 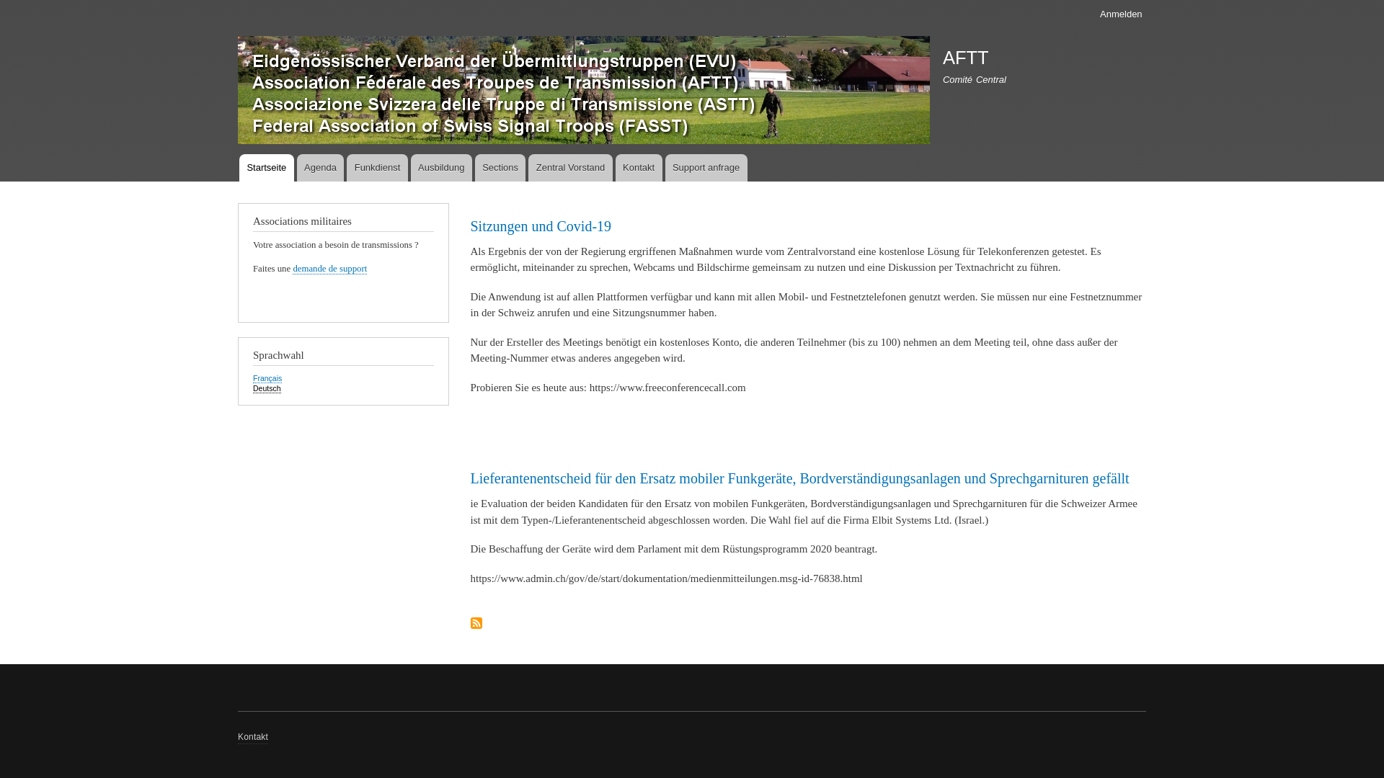 I want to click on 'AFTT', so click(x=965, y=57).